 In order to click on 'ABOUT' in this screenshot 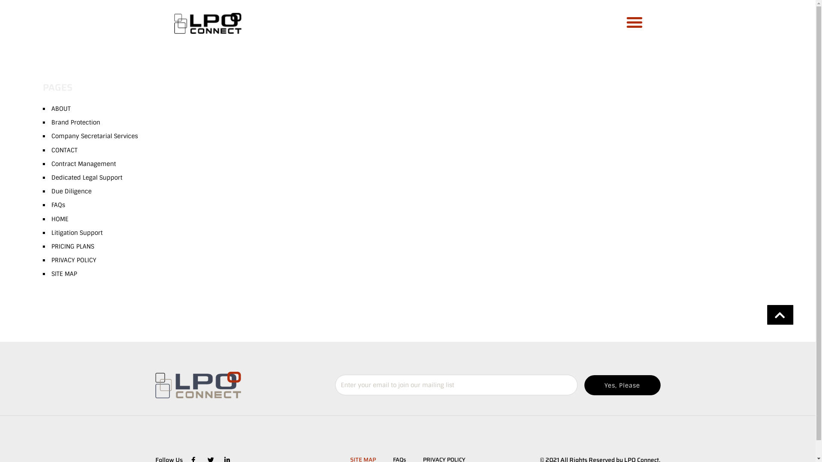, I will do `click(60, 108)`.